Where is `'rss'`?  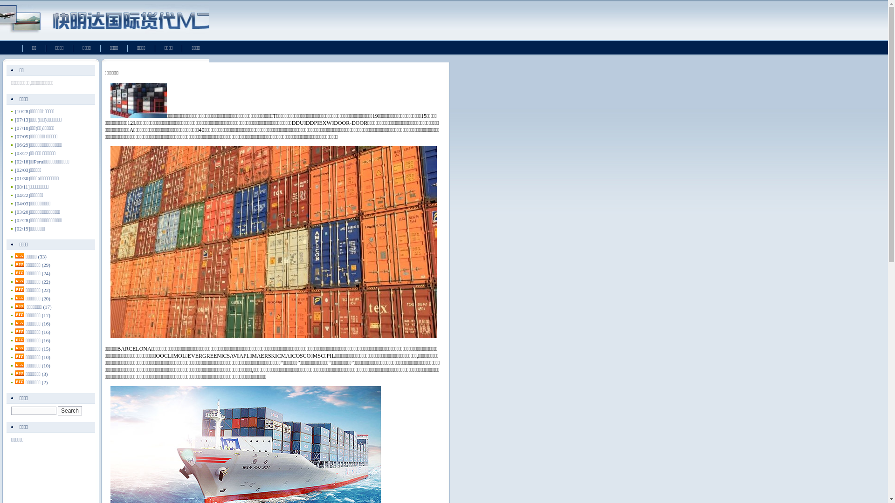 'rss' is located at coordinates (20, 322).